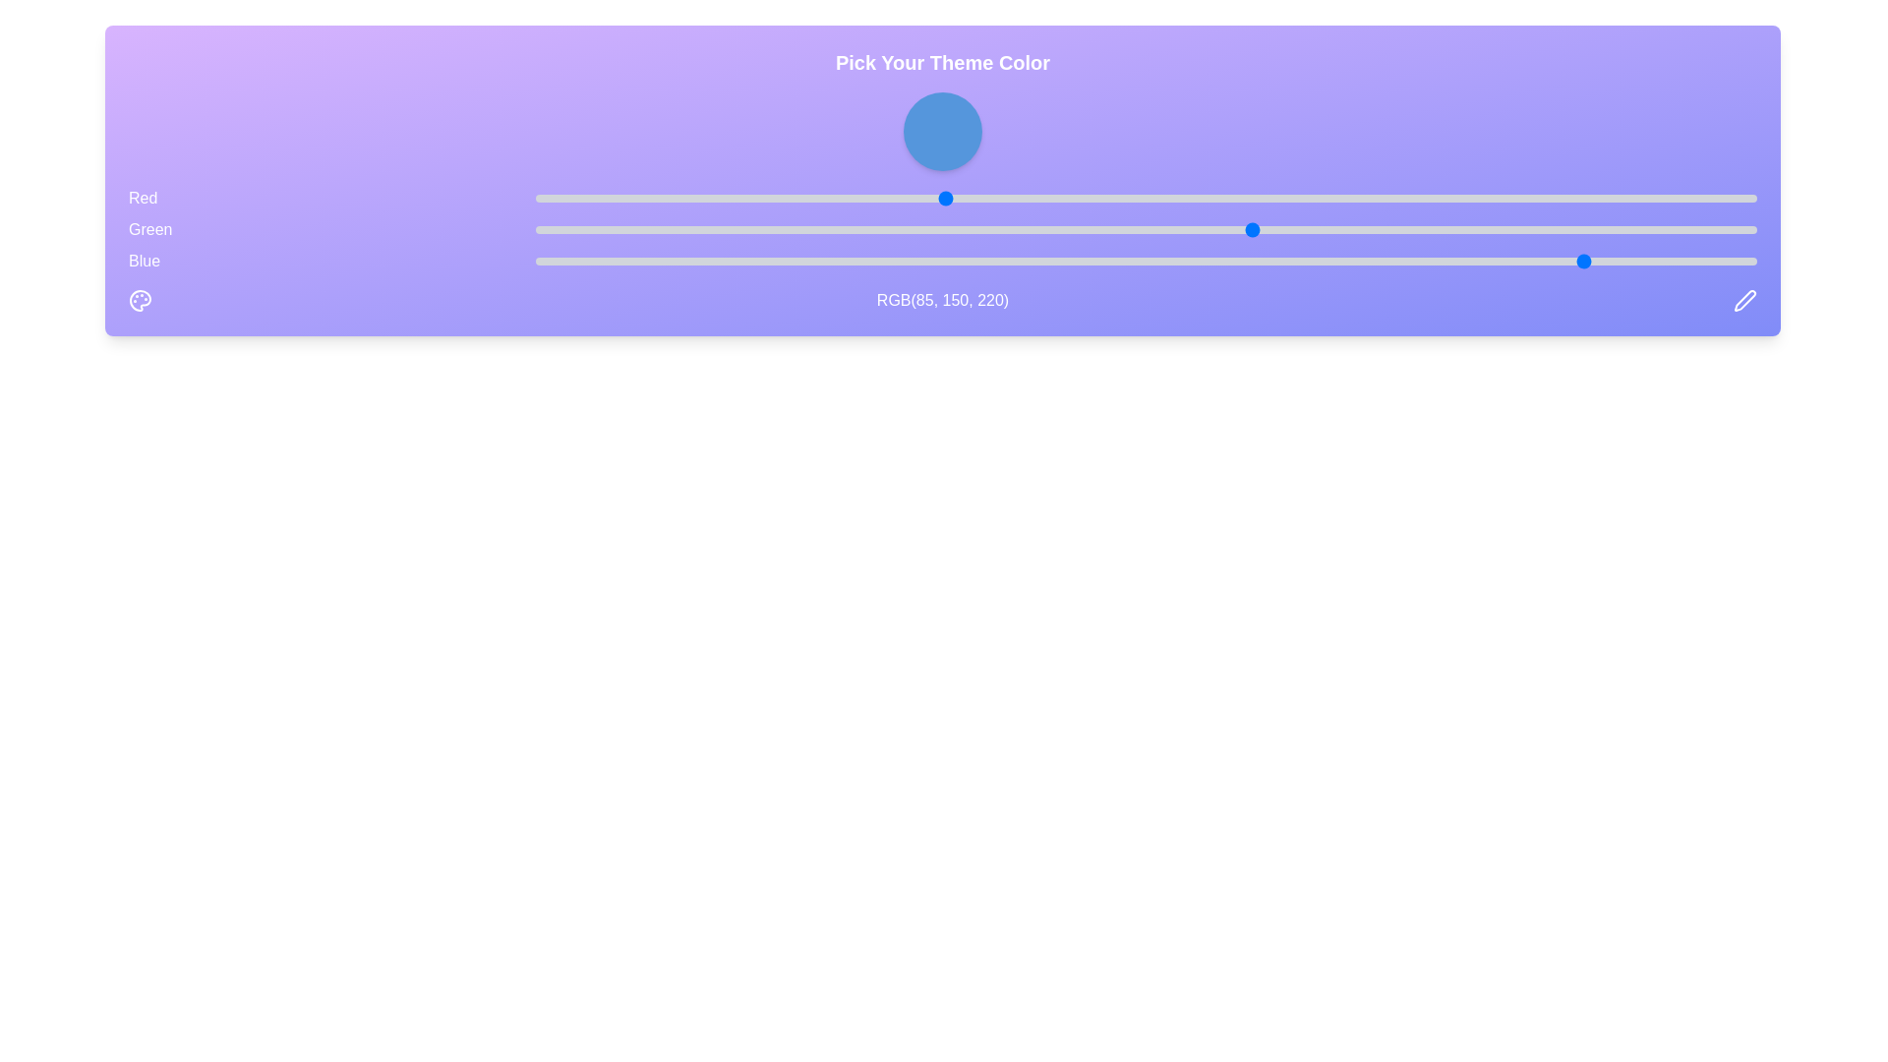  I want to click on the slider handles of the RGB range sliders labeled 'Red', 'Green', and 'Blue', so click(942, 229).